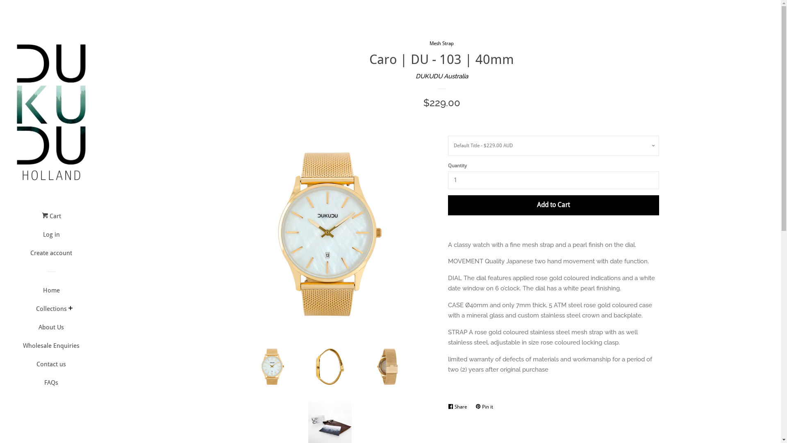 This screenshot has width=787, height=443. Describe the element at coordinates (51, 219) in the screenshot. I see `'Cart'` at that location.